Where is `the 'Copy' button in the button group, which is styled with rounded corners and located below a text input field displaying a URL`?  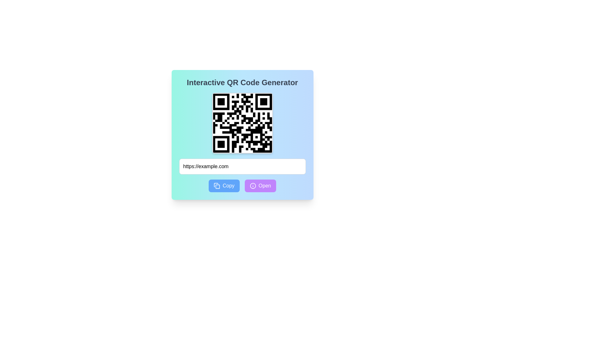
the 'Copy' button in the button group, which is styled with rounded corners and located below a text input field displaying a URL is located at coordinates (242, 185).